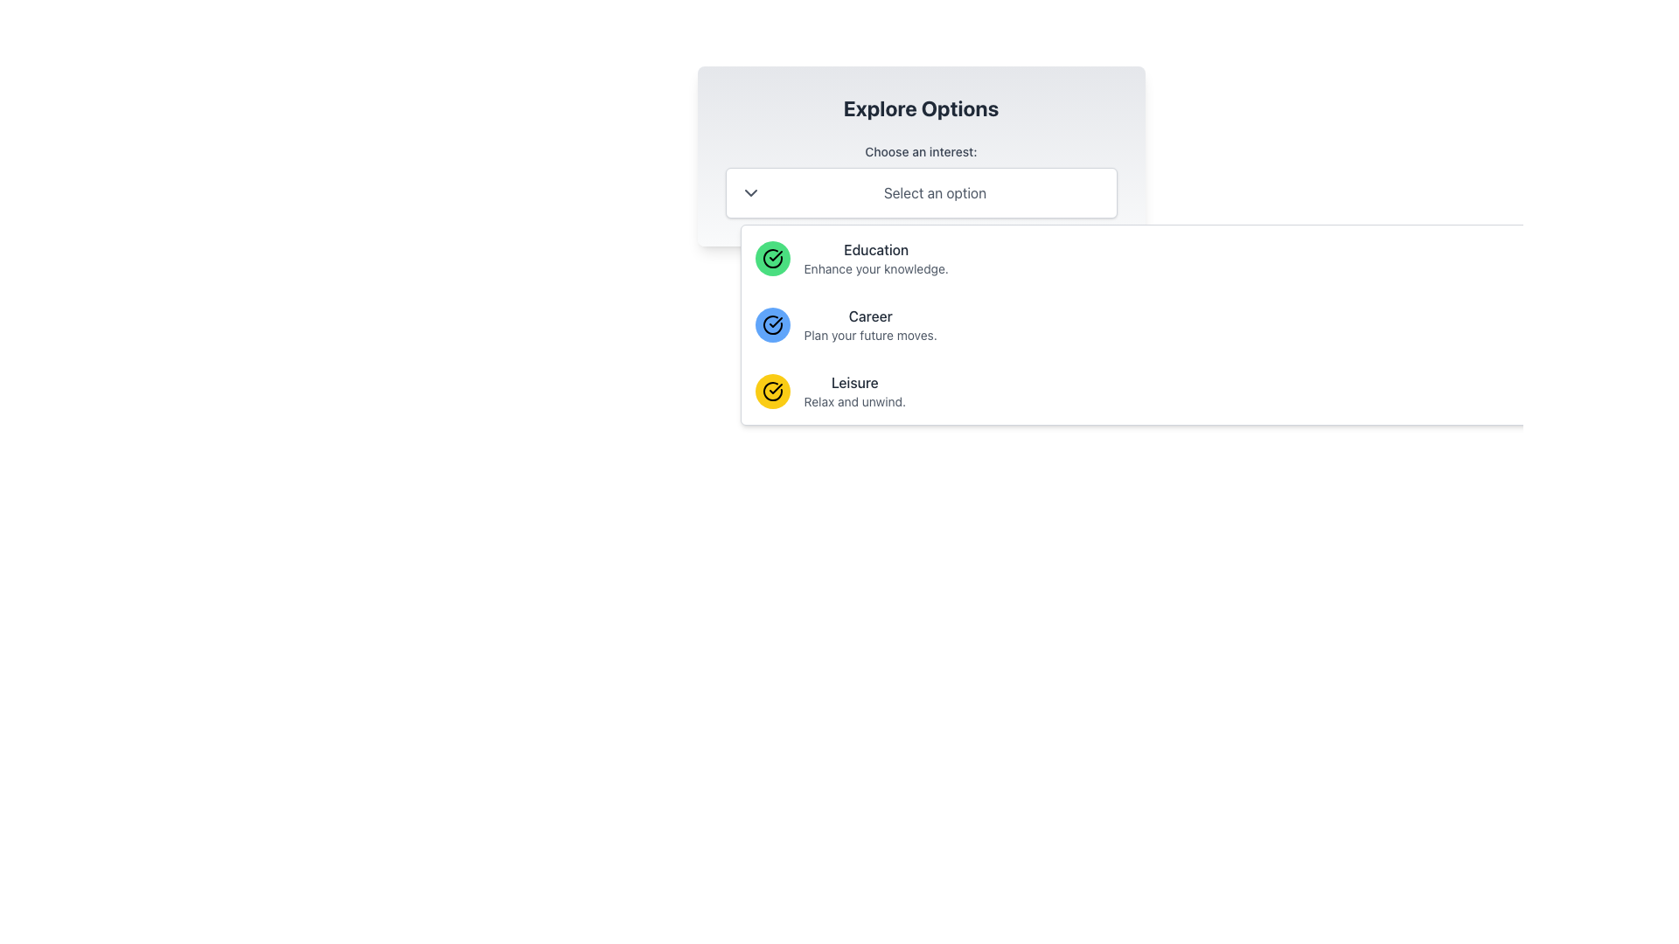 This screenshot has width=1679, height=944. Describe the element at coordinates (876, 269) in the screenshot. I see `the text label that reads 'Enhance your knowledge.' which is styled in a smaller font-size and lighter gray color, located directly below the header text 'Education'` at that location.